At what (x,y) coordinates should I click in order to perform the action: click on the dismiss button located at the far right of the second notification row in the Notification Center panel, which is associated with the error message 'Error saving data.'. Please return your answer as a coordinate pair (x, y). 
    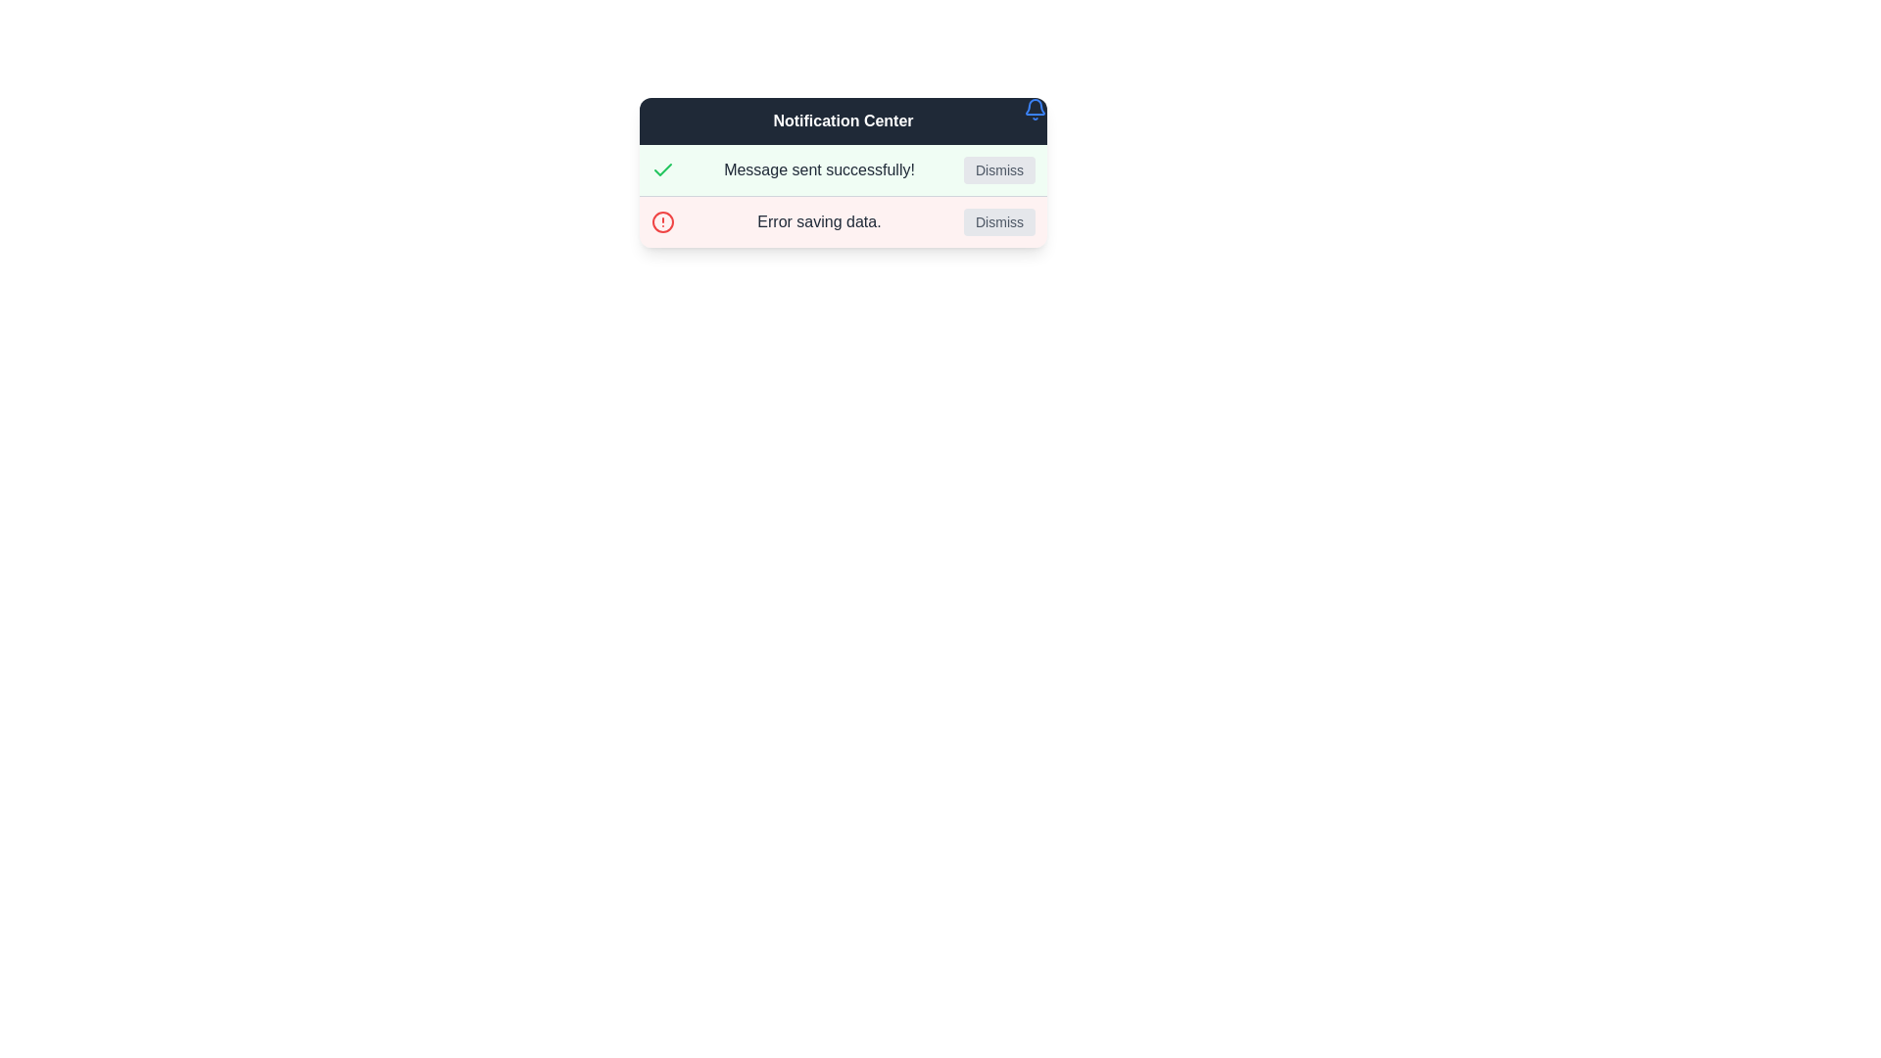
    Looking at the image, I should click on (999, 221).